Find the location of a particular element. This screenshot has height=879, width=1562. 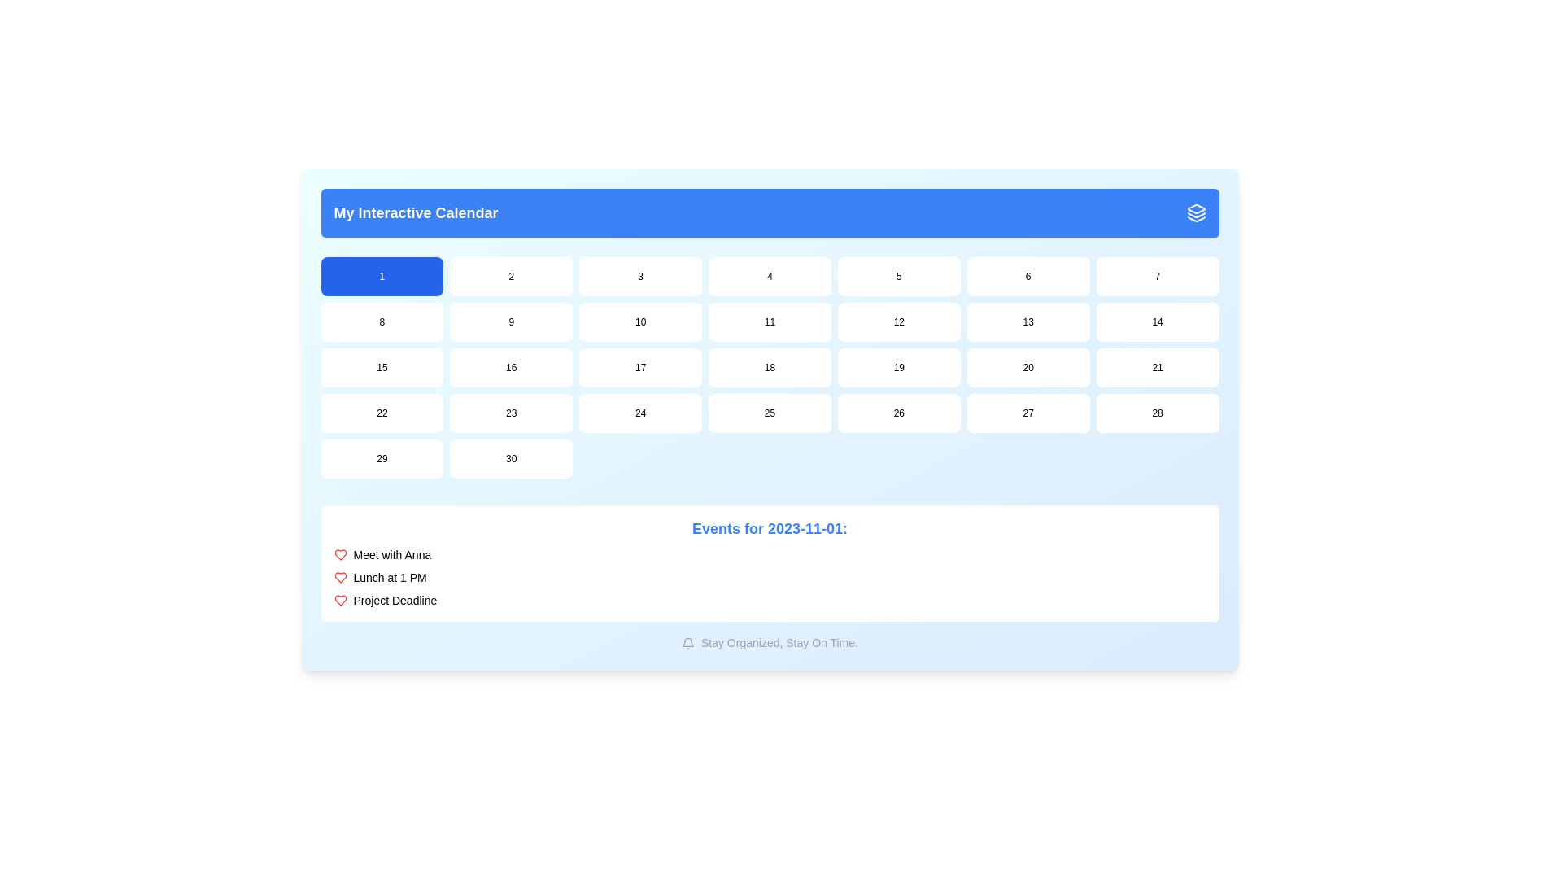

the white rectangular button with rounded corners labeled '12' in the second row and sixth column of 'My Interactive Calendar' to interact with the date is located at coordinates (898, 322).